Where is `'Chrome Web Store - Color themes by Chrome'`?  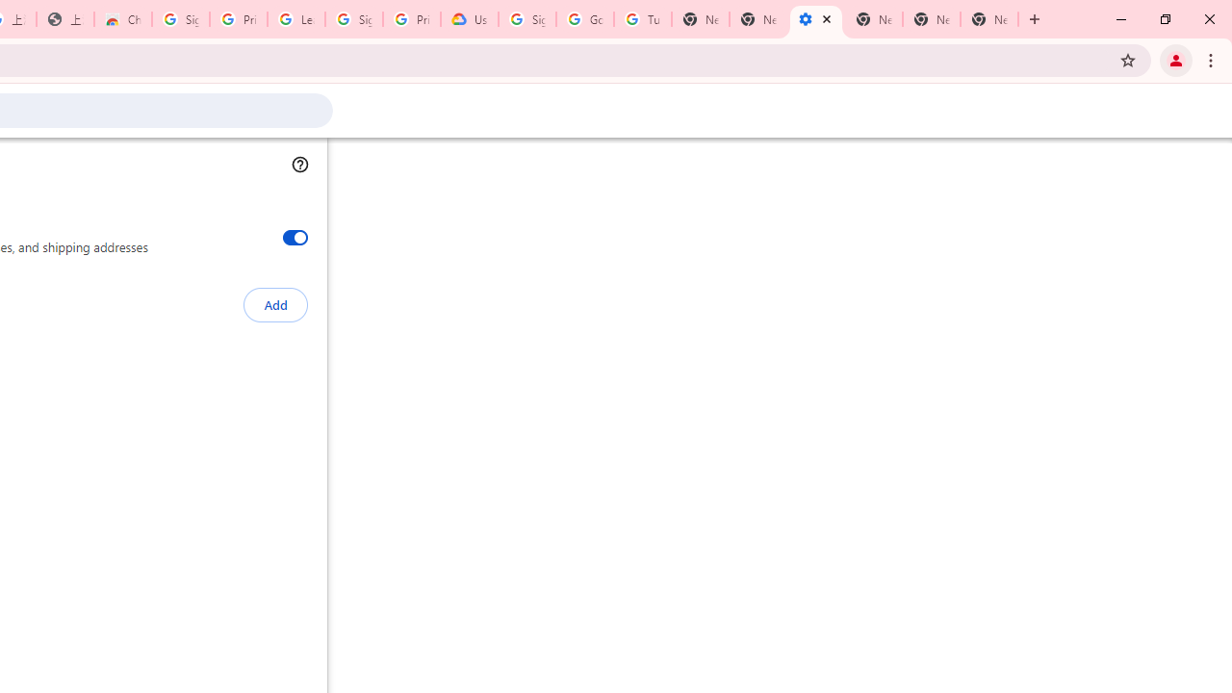
'Chrome Web Store - Color themes by Chrome' is located at coordinates (122, 19).